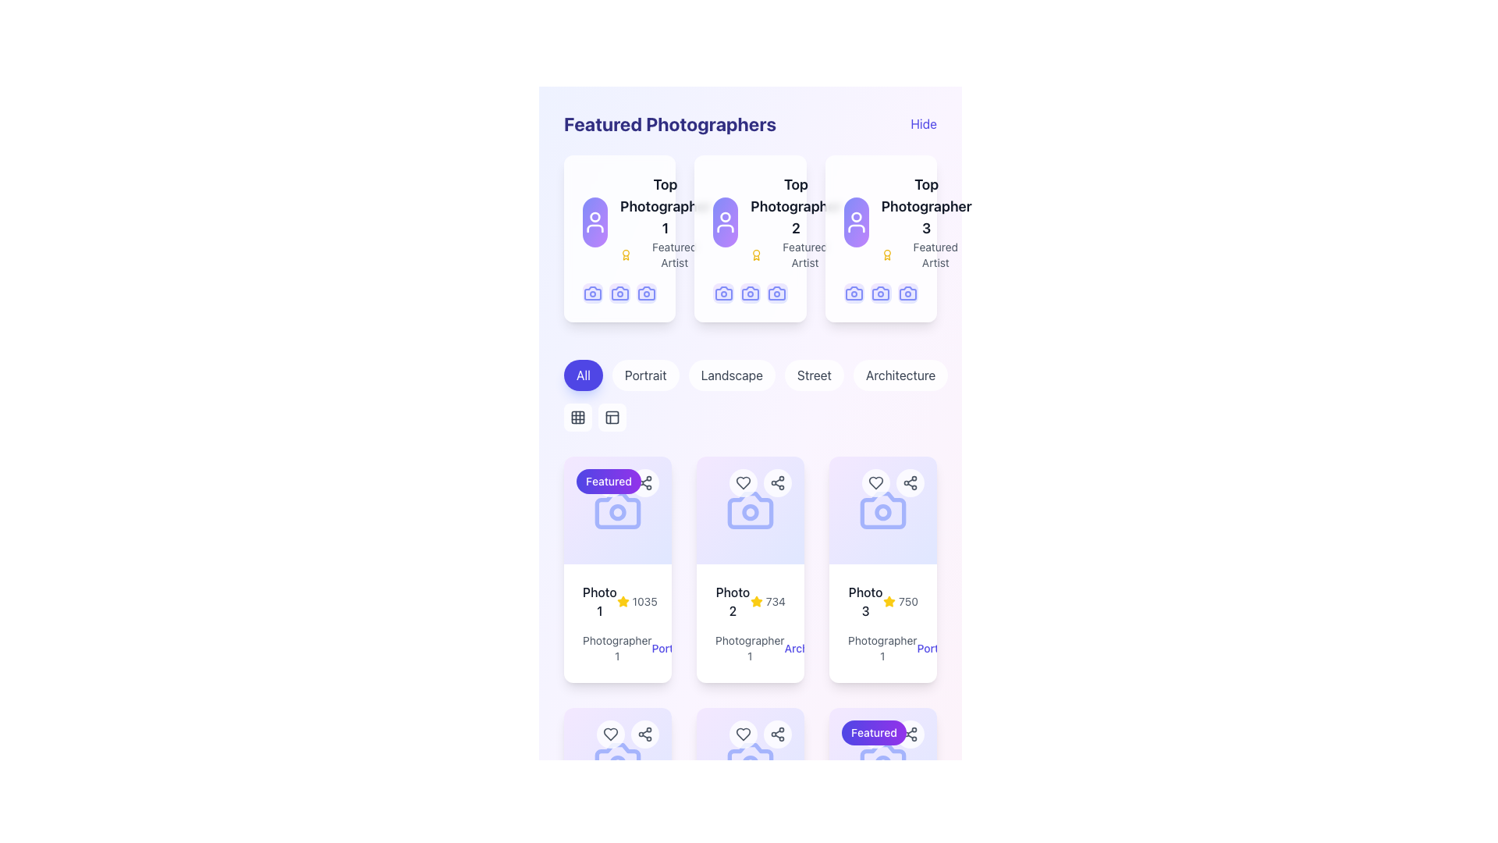 The image size is (1498, 843). I want to click on the camera icon with a purple gradient background located in the second card of the photographer row, below the title and avatar, so click(722, 293).